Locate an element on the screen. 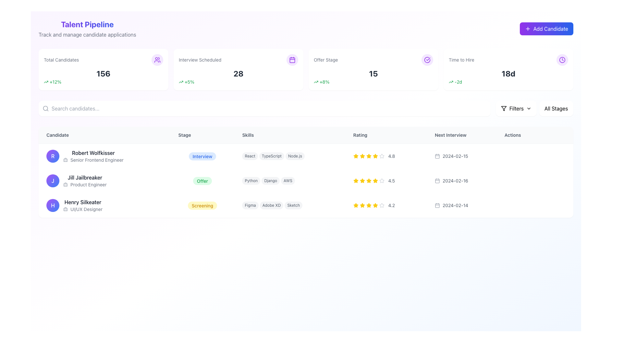  the non-interactive 'Adobe XD' skill label associated with candidate Henry Silkeater, which is centrally positioned between the 'Figma' and 'Sketch' labels in the Skills column is located at coordinates (272, 205).